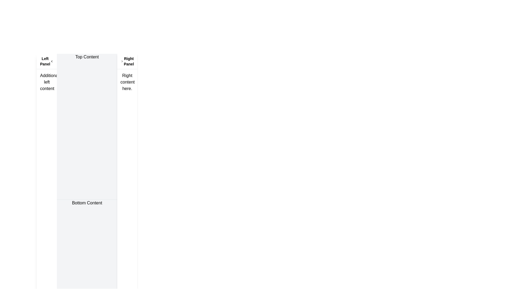 The image size is (520, 292). I want to click on to select the text block displaying 'Right content here.' located in the 'Right Panel' below the header text, so click(127, 82).